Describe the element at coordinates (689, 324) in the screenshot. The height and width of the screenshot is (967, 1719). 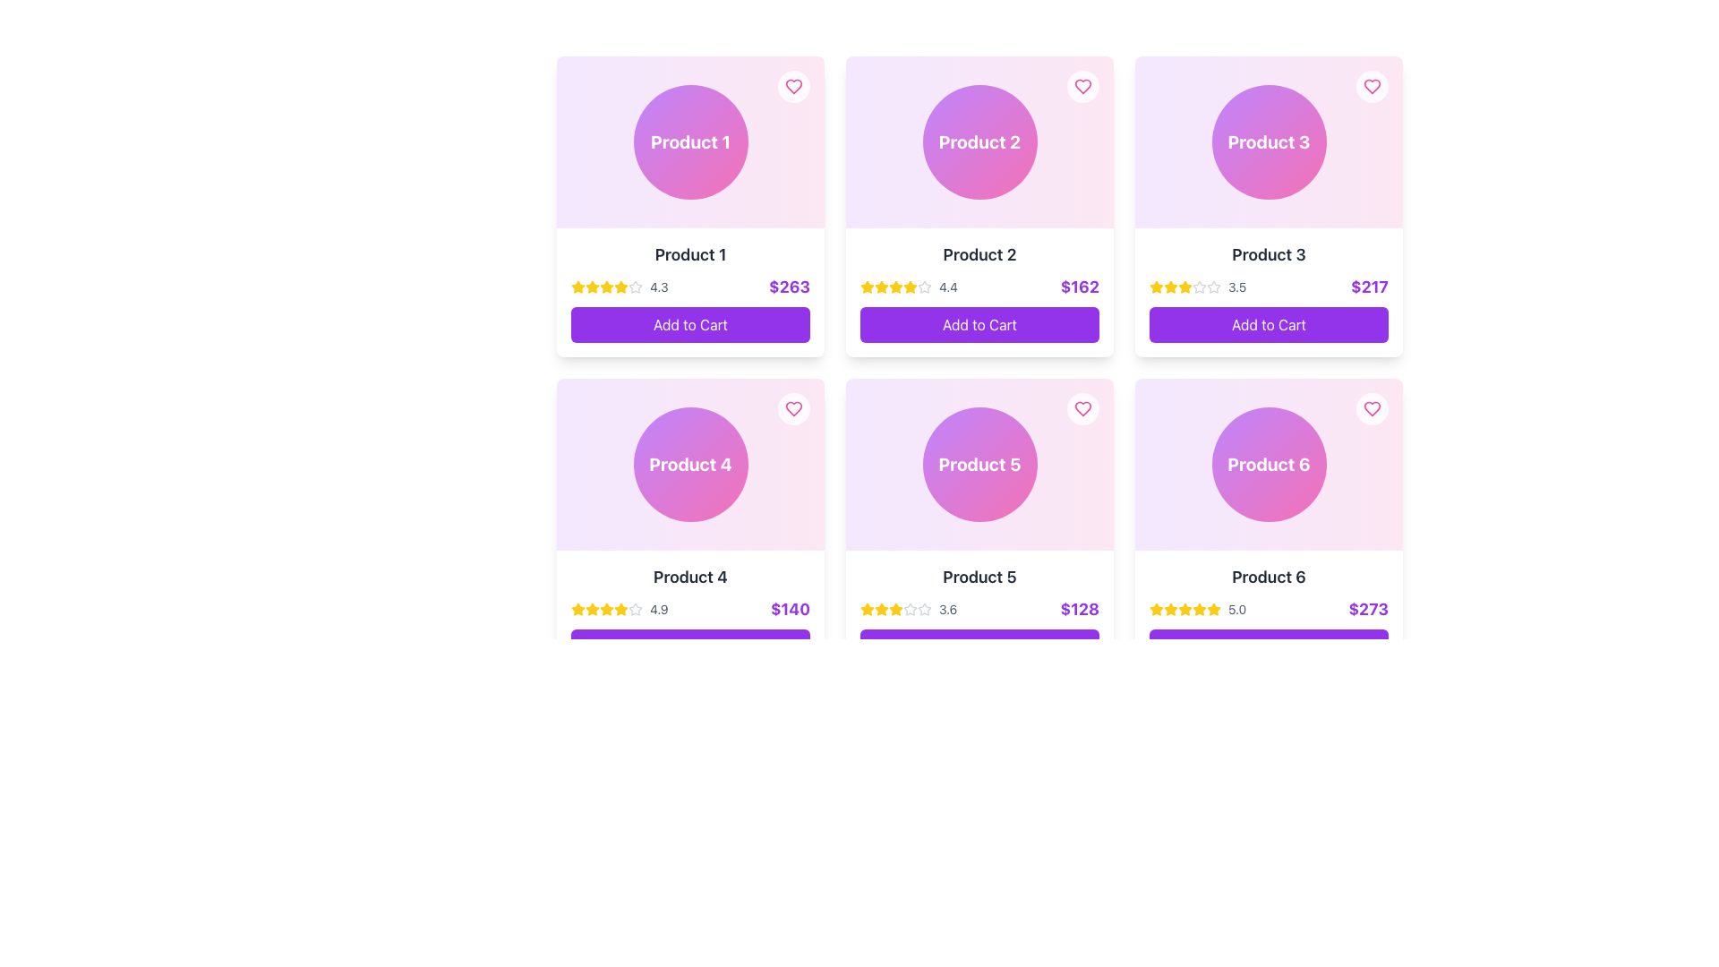
I see `the 'Add to Cart' button with a vibrant purple background and white text, located below the price of '$263' for 'Product 1'` at that location.